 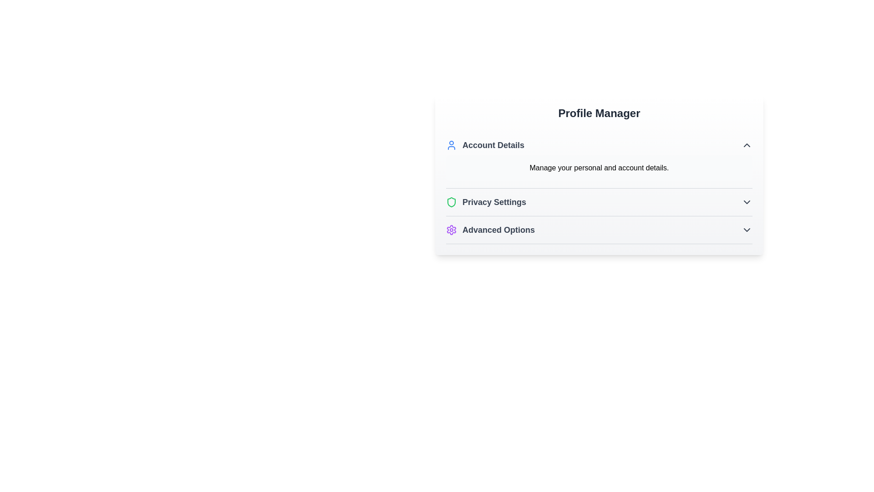 What do you see at coordinates (452, 230) in the screenshot?
I see `the settings icon located to the left of the 'Advanced Options' text in the Profile Manager interface` at bounding box center [452, 230].